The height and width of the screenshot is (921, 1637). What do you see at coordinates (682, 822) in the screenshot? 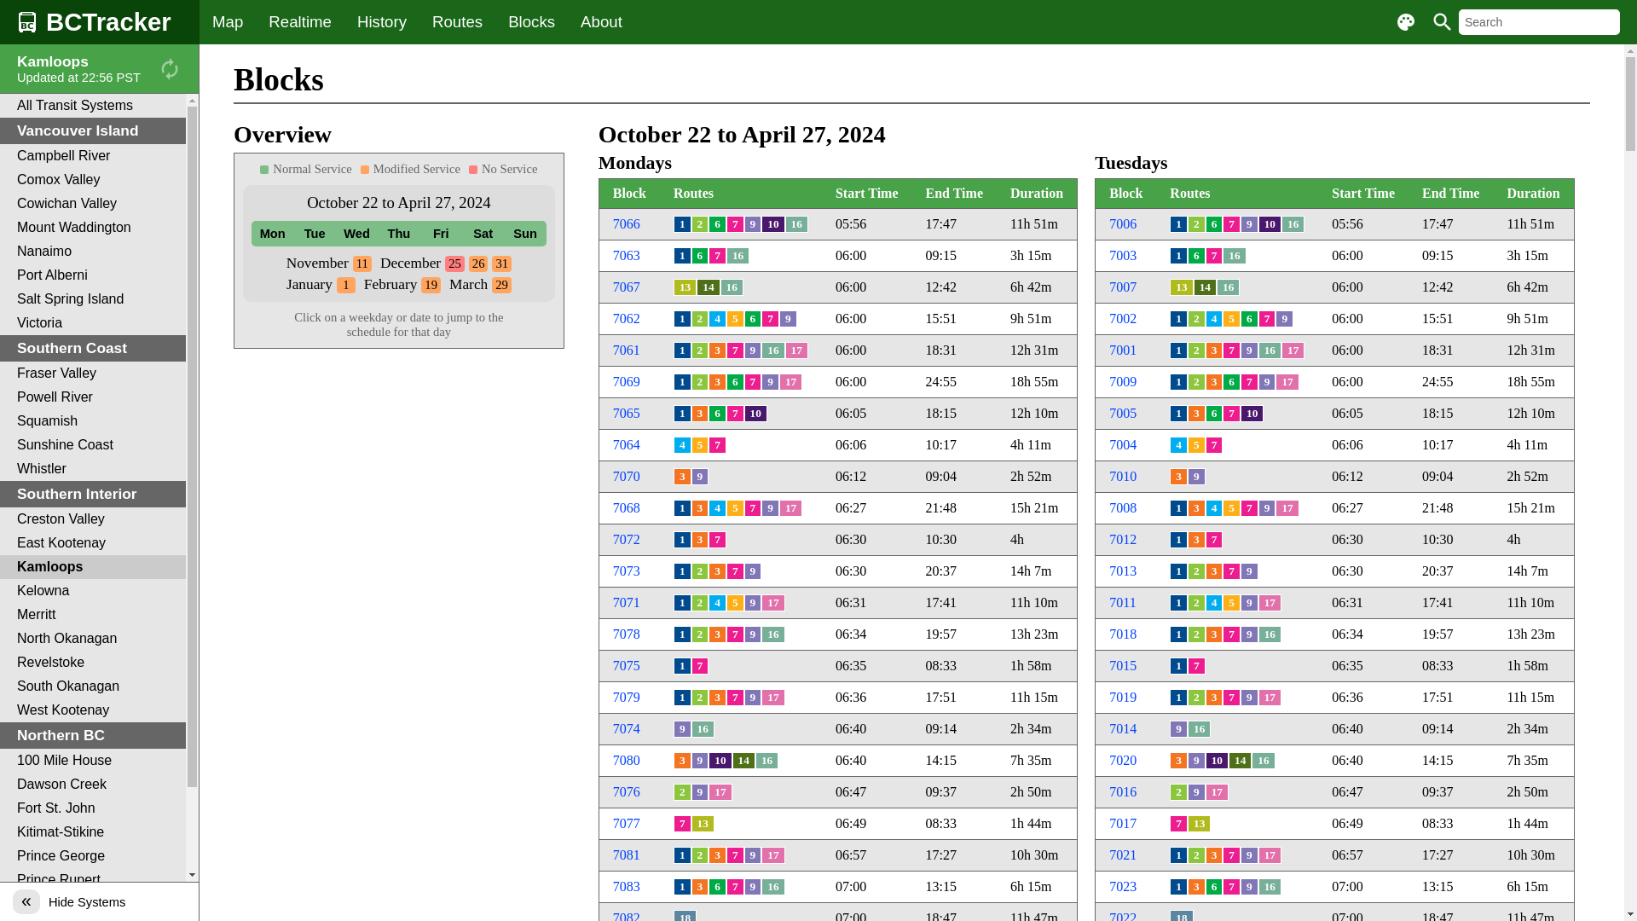
I see `'7'` at bounding box center [682, 822].